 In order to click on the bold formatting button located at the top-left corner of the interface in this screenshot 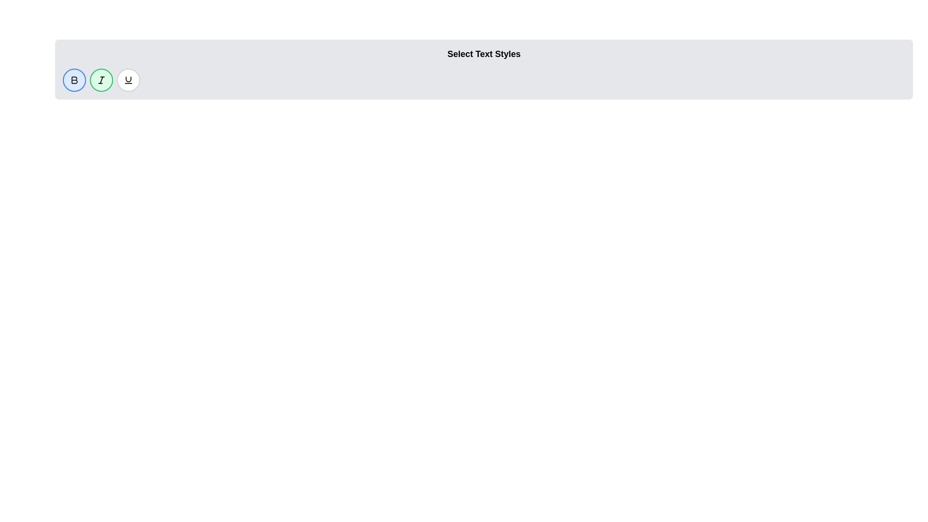, I will do `click(74, 79)`.